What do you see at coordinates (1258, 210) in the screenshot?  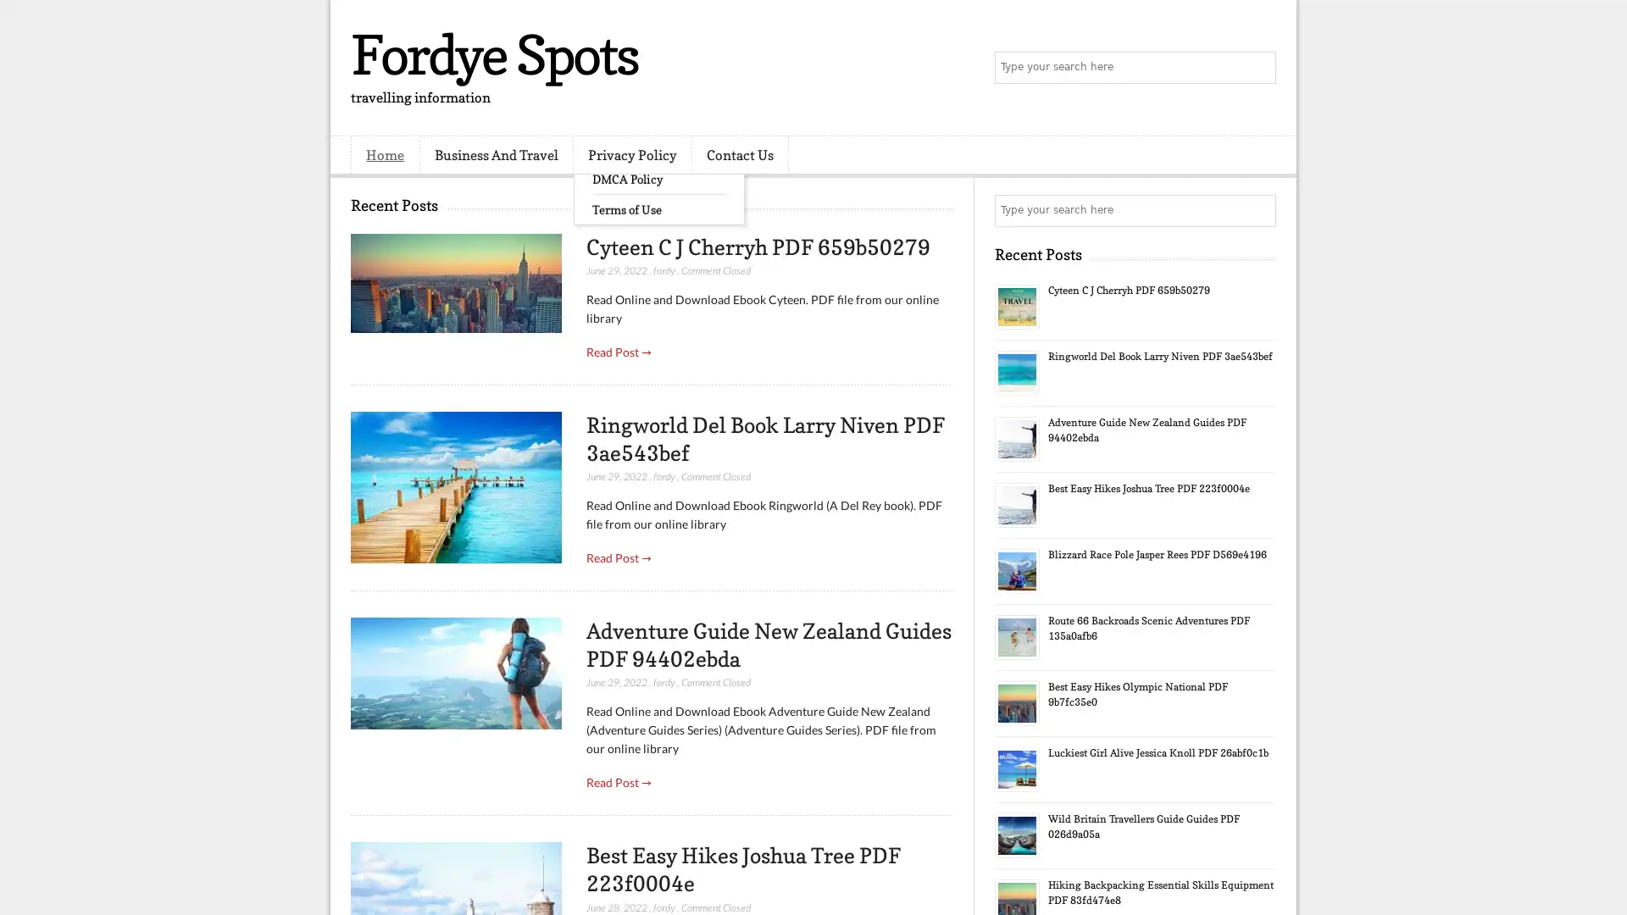 I see `Search` at bounding box center [1258, 210].